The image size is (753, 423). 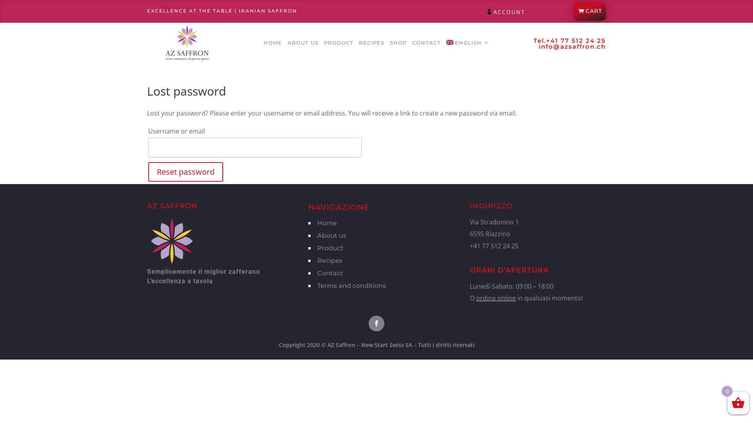 I want to click on 'About us', so click(x=317, y=235).